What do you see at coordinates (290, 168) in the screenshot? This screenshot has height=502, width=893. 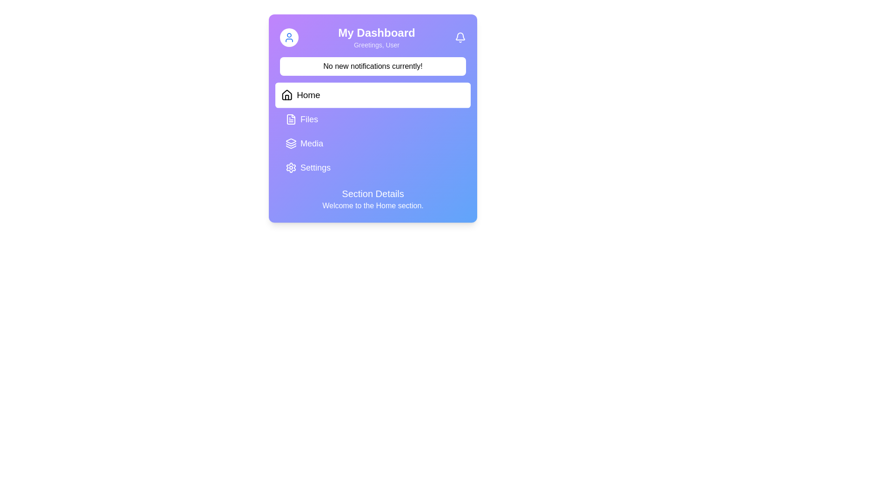 I see `the 'Settings' menu icon, which is represented by a gear symbol and is the fourth item in the vertical list of menu options on the left side of the interface panel` at bounding box center [290, 168].